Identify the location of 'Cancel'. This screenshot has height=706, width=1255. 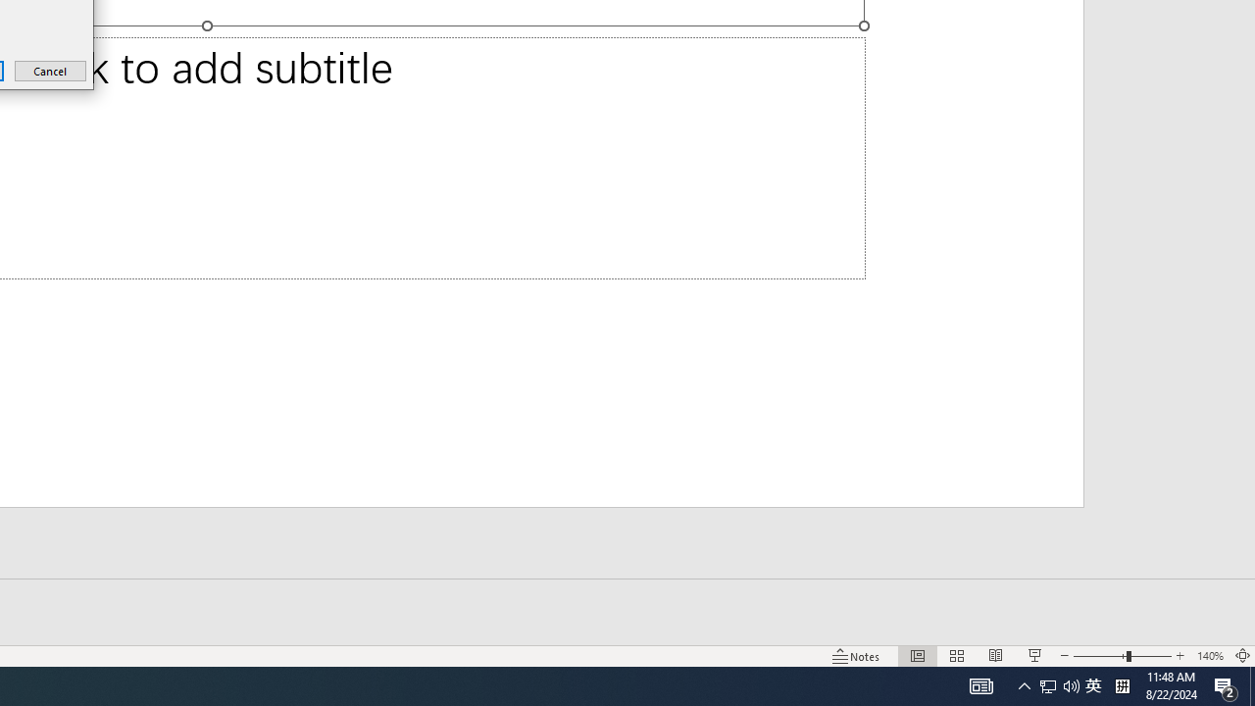
(50, 70).